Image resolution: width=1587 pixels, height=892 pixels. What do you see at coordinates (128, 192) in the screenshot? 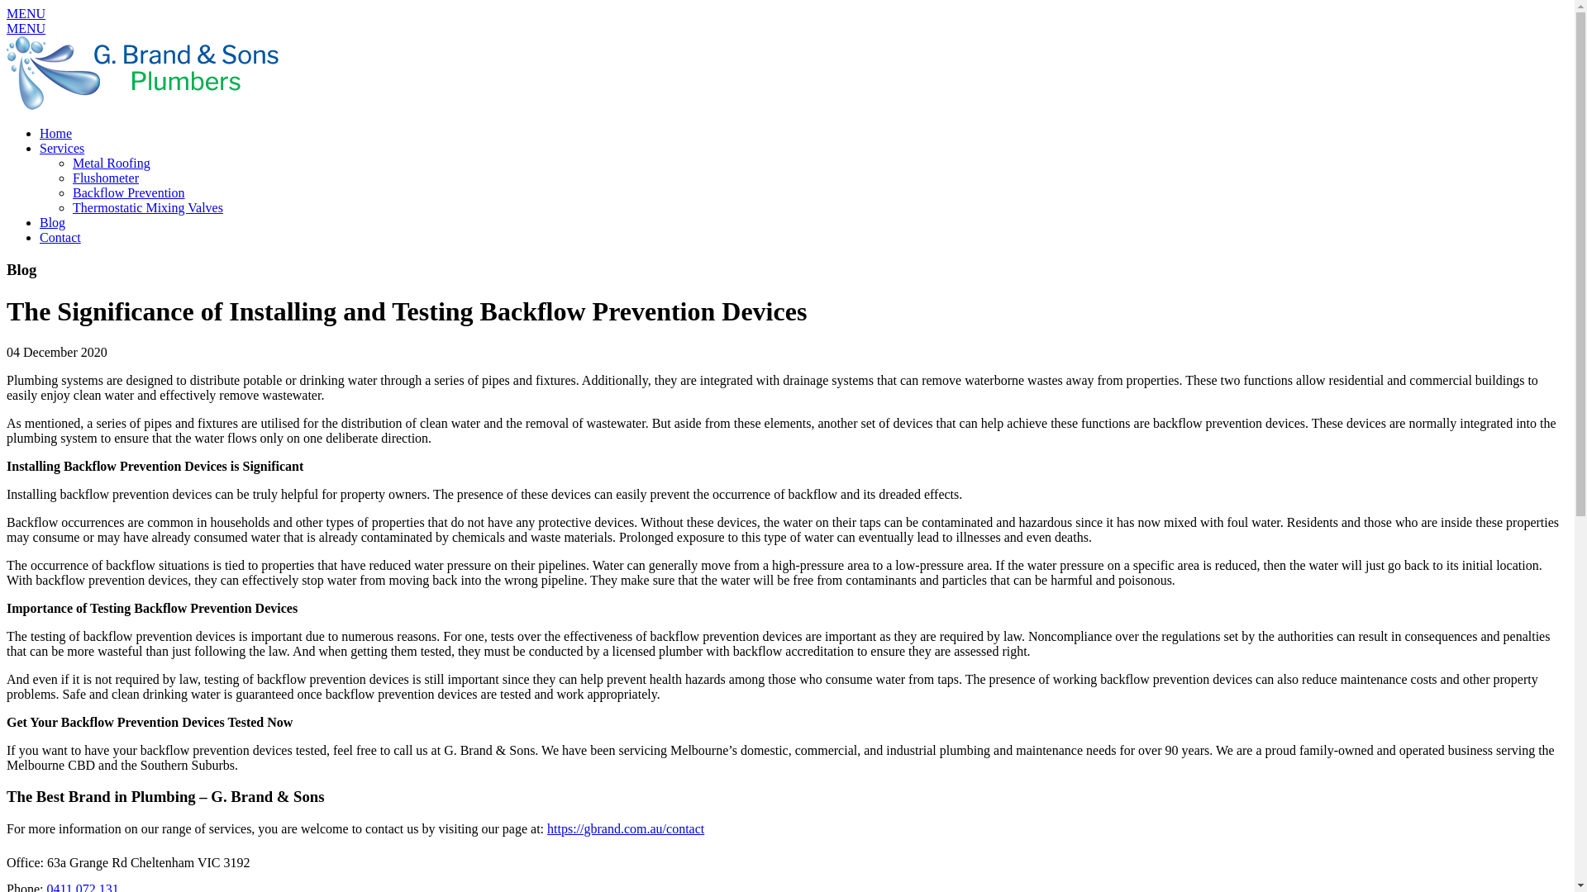
I see `'Backflow Prevention'` at bounding box center [128, 192].